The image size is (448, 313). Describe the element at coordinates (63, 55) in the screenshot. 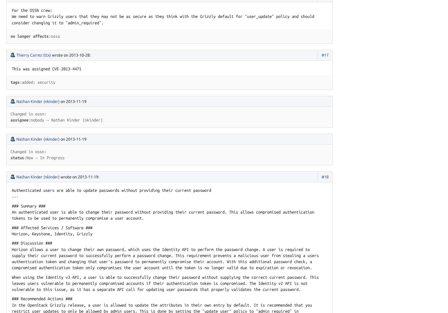

I see `'on 2013-10-28'` at that location.